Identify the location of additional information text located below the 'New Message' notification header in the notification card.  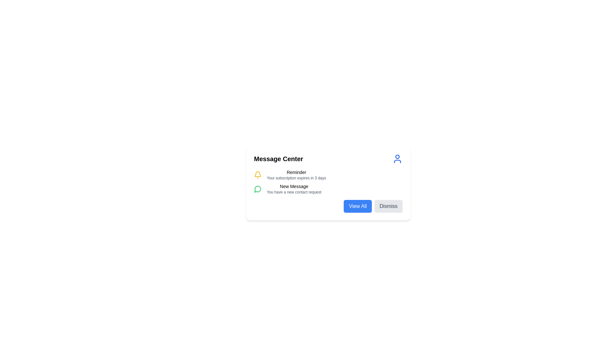
(294, 192).